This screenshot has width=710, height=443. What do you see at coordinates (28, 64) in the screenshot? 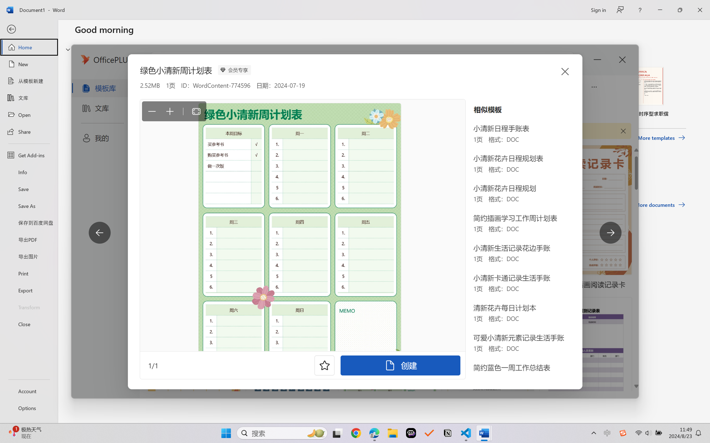
I see `'New'` at bounding box center [28, 64].